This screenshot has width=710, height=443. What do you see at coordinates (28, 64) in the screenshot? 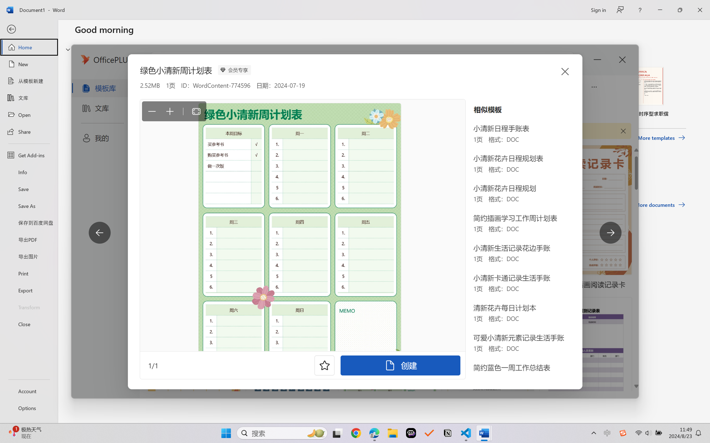
I see `'New'` at bounding box center [28, 64].